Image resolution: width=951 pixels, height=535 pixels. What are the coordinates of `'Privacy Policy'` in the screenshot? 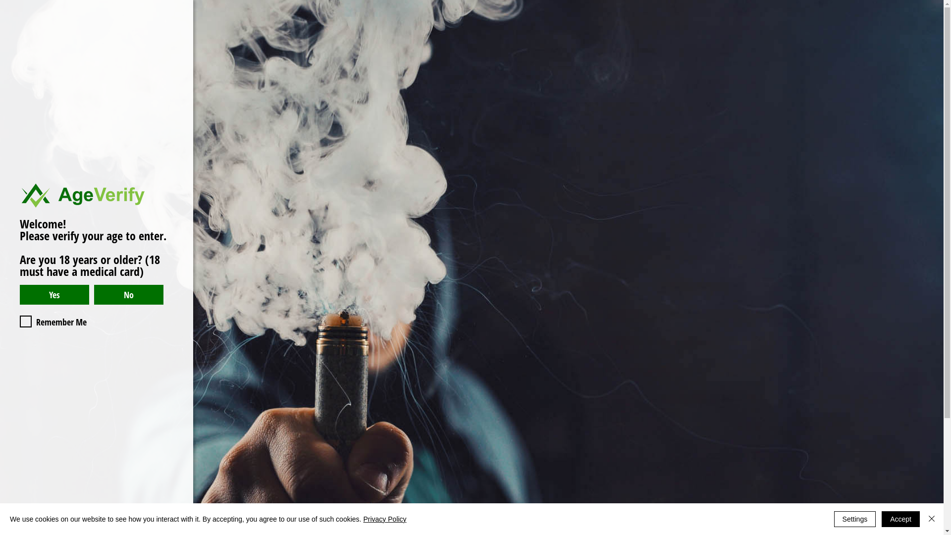 It's located at (384, 519).